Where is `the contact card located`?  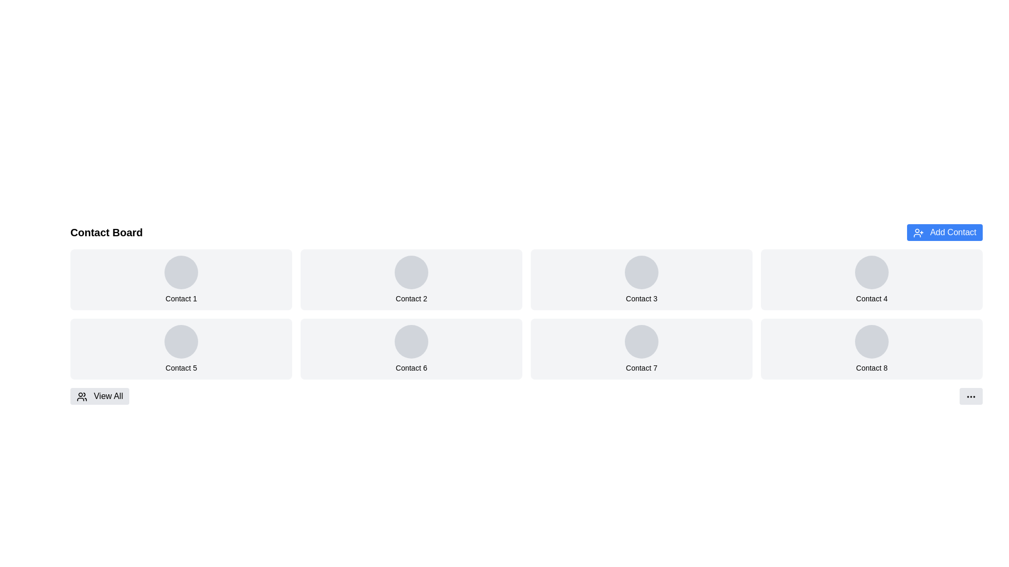
the contact card located is located at coordinates (872, 279).